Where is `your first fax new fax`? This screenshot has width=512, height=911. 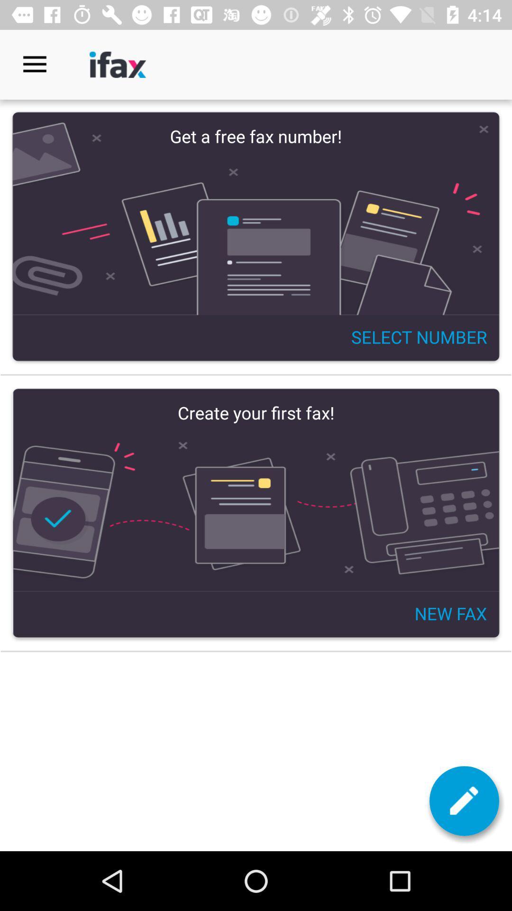 your first fax new fax is located at coordinates (256, 512).